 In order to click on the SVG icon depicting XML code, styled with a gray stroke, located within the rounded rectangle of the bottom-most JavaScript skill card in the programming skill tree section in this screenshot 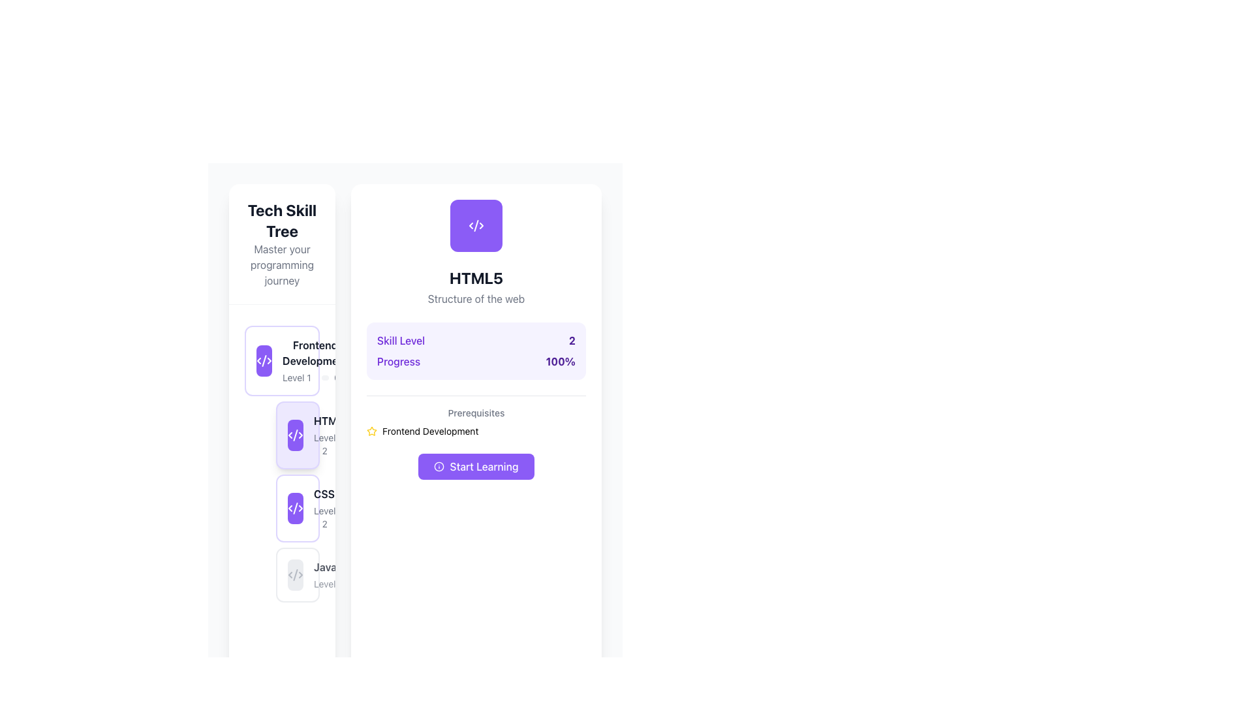, I will do `click(294, 574)`.